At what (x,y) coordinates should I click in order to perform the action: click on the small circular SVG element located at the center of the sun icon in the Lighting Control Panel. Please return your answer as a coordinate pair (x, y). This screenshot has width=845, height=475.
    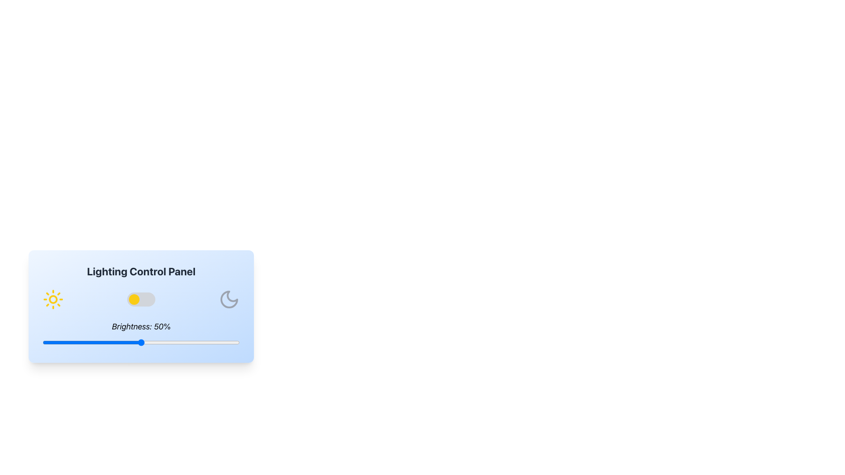
    Looking at the image, I should click on (52, 299).